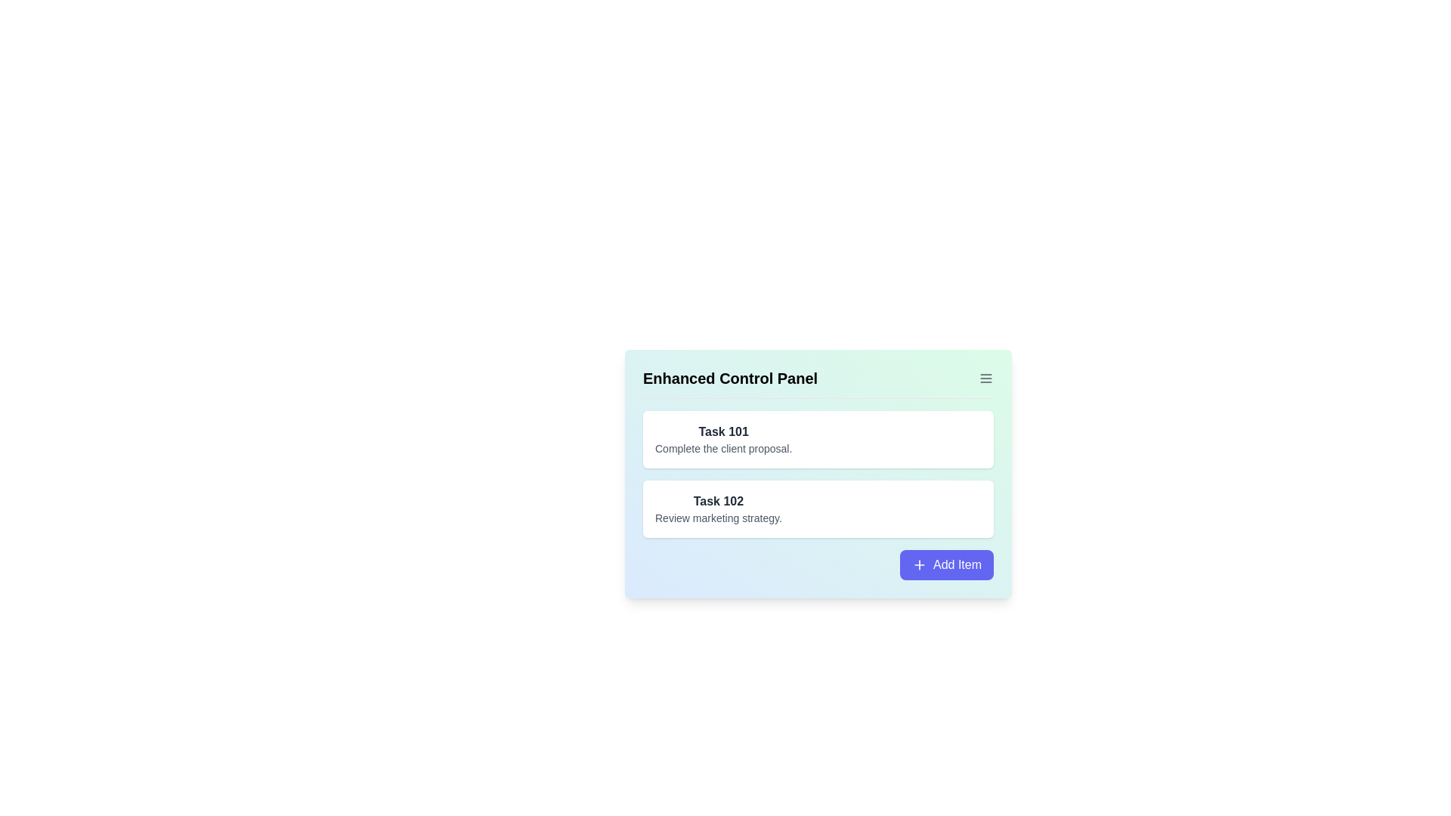  I want to click on text label that displays 'Task 102', which is bold and dark gray, located in the task list as the second task, so click(717, 501).